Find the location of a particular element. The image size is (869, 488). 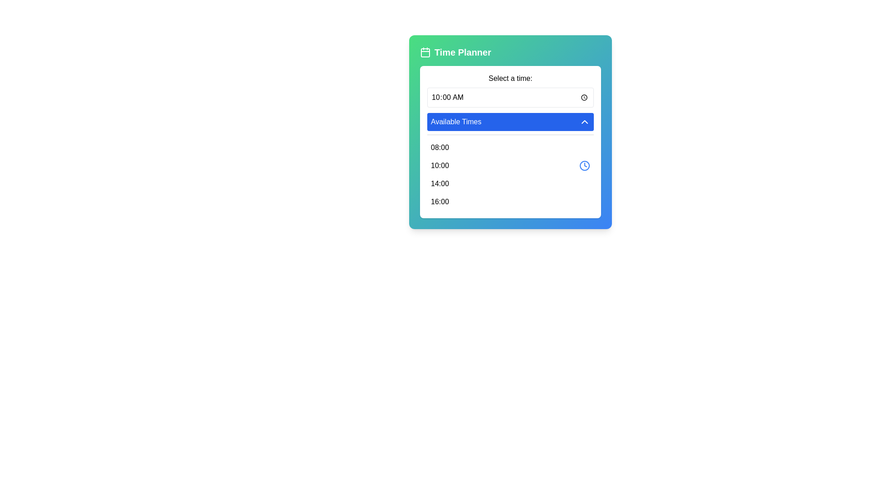

a specific time from the dropdown in the Interactive time selection panel, which features a bold label 'Time Planner' and a blue dropdown button labeled 'Available Times' is located at coordinates (511, 132).